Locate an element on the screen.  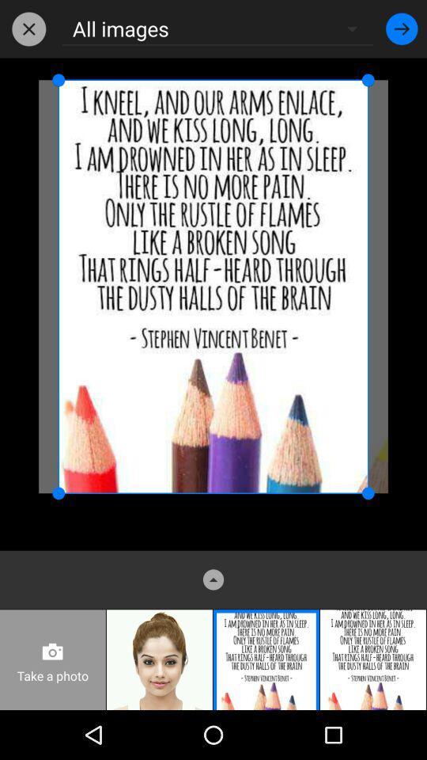
item at the top right corner is located at coordinates (402, 28).